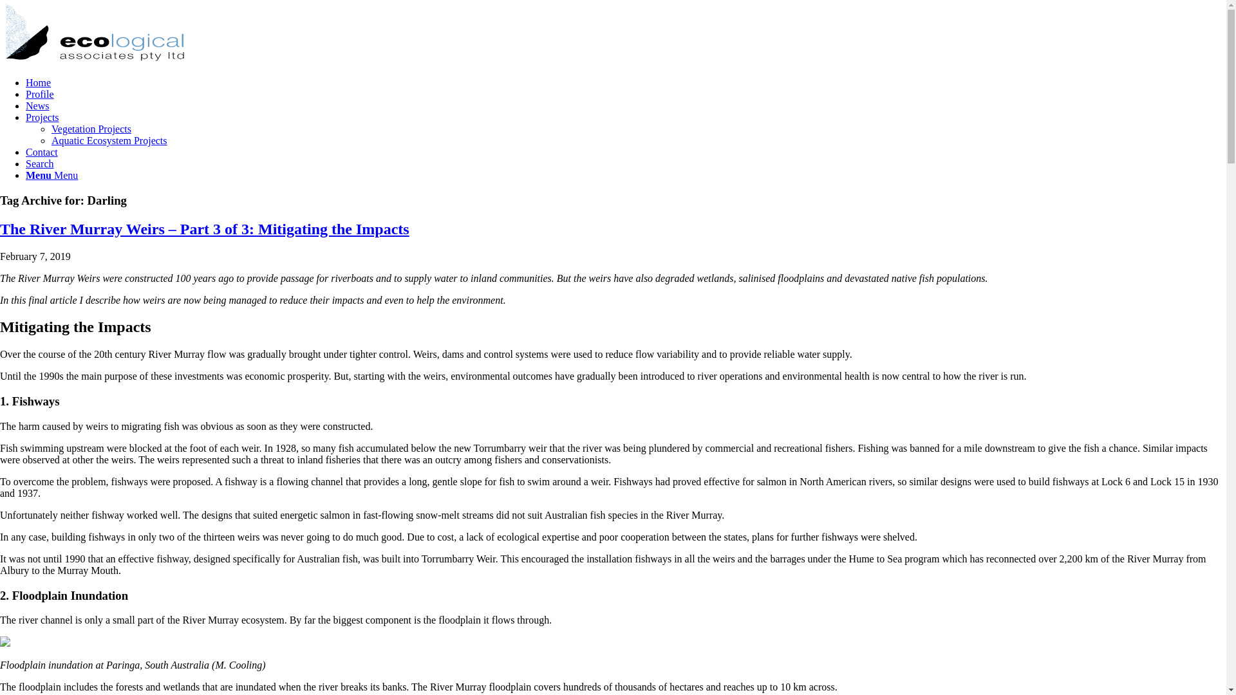 This screenshot has height=695, width=1236. What do you see at coordinates (51, 175) in the screenshot?
I see `'Menu Menu'` at bounding box center [51, 175].